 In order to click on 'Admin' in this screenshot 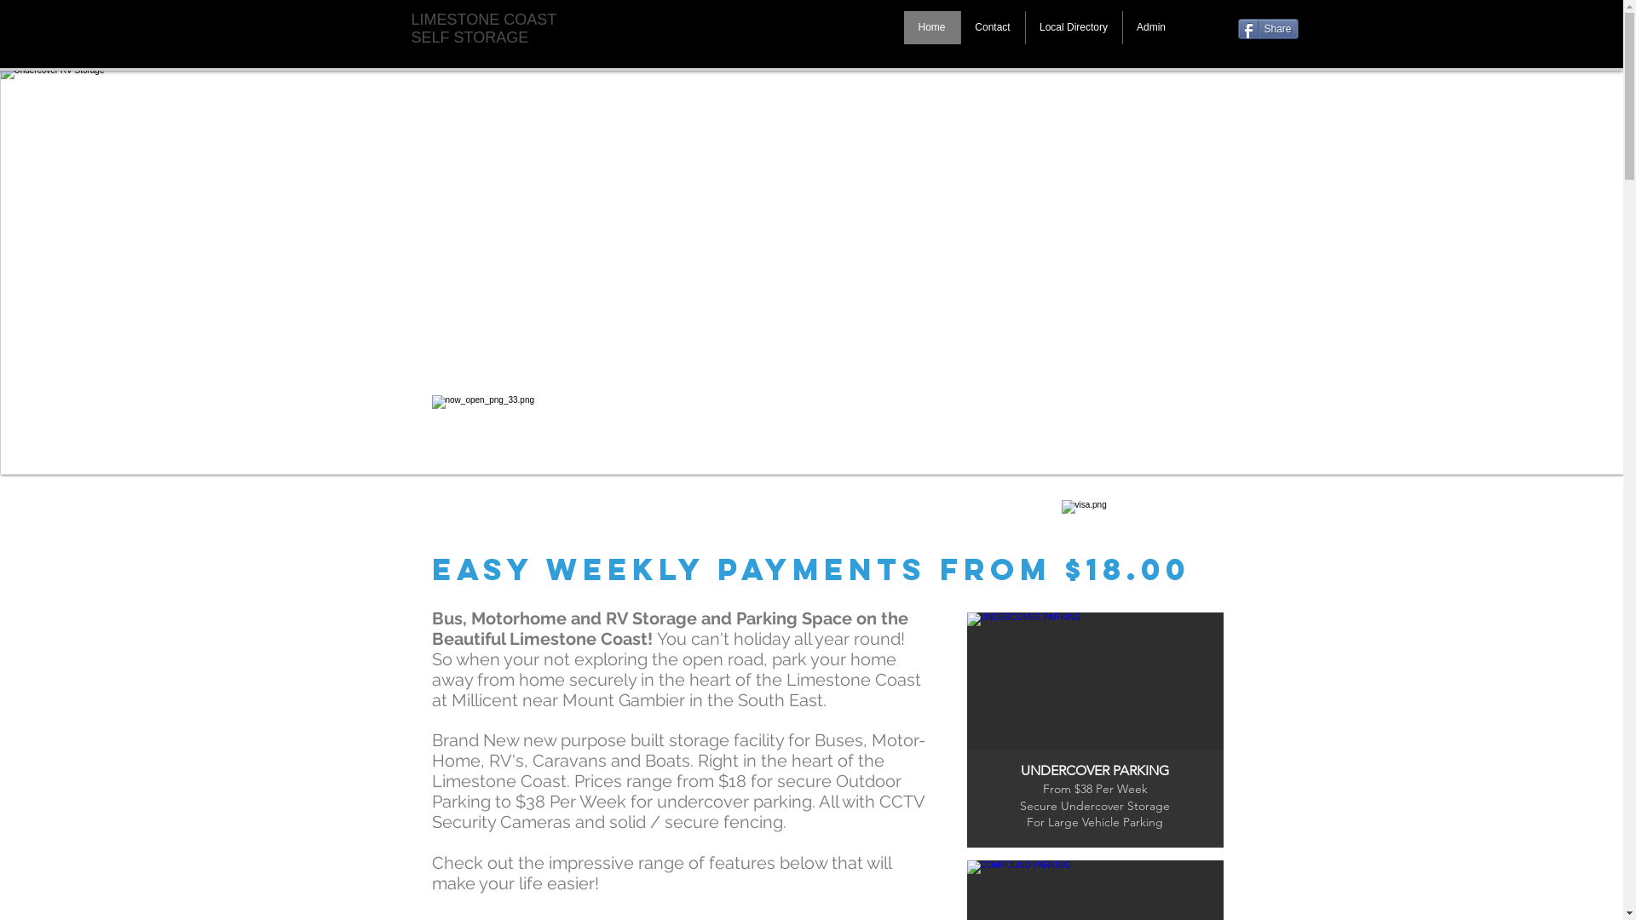, I will do `click(1149, 27)`.